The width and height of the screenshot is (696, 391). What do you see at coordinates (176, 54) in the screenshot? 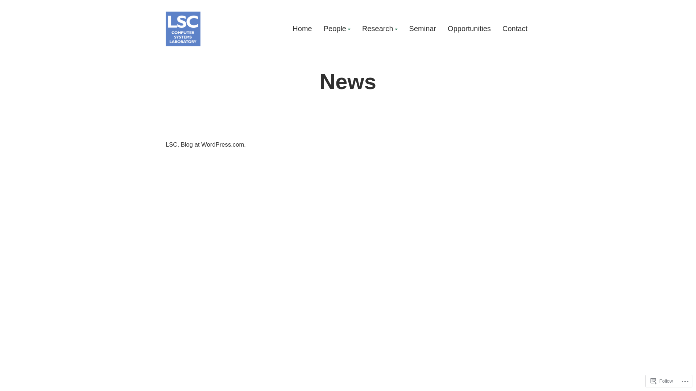
I see `'LSC'` at bounding box center [176, 54].